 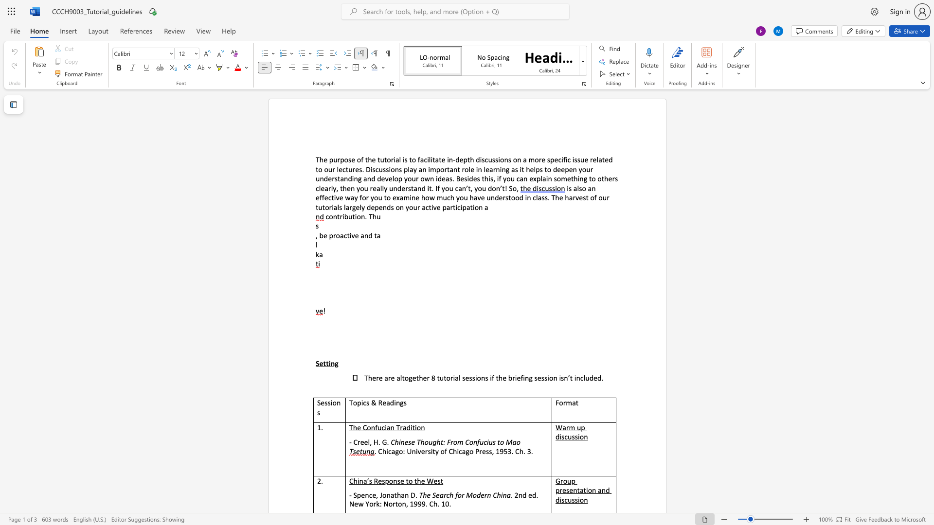 I want to click on the 5th character "r" in the text, so click(x=330, y=207).